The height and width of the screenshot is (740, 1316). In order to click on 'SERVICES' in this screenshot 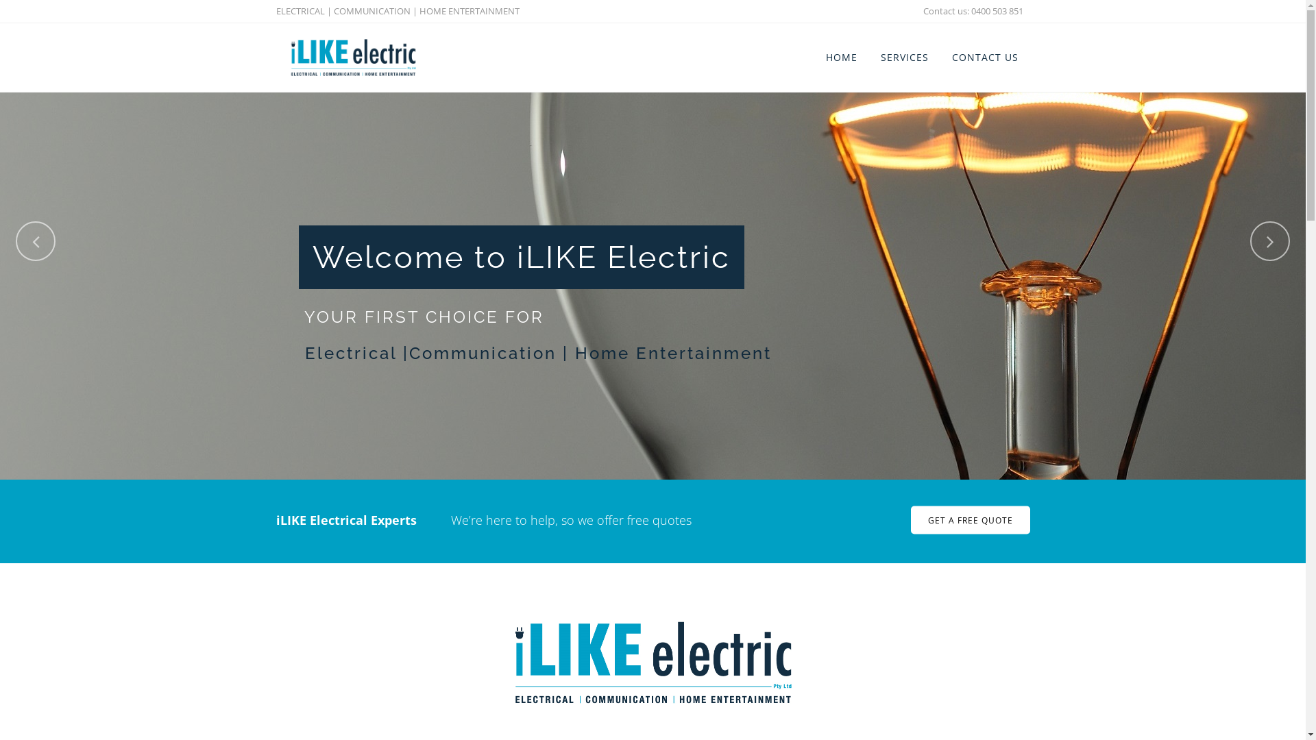, I will do `click(905, 57)`.